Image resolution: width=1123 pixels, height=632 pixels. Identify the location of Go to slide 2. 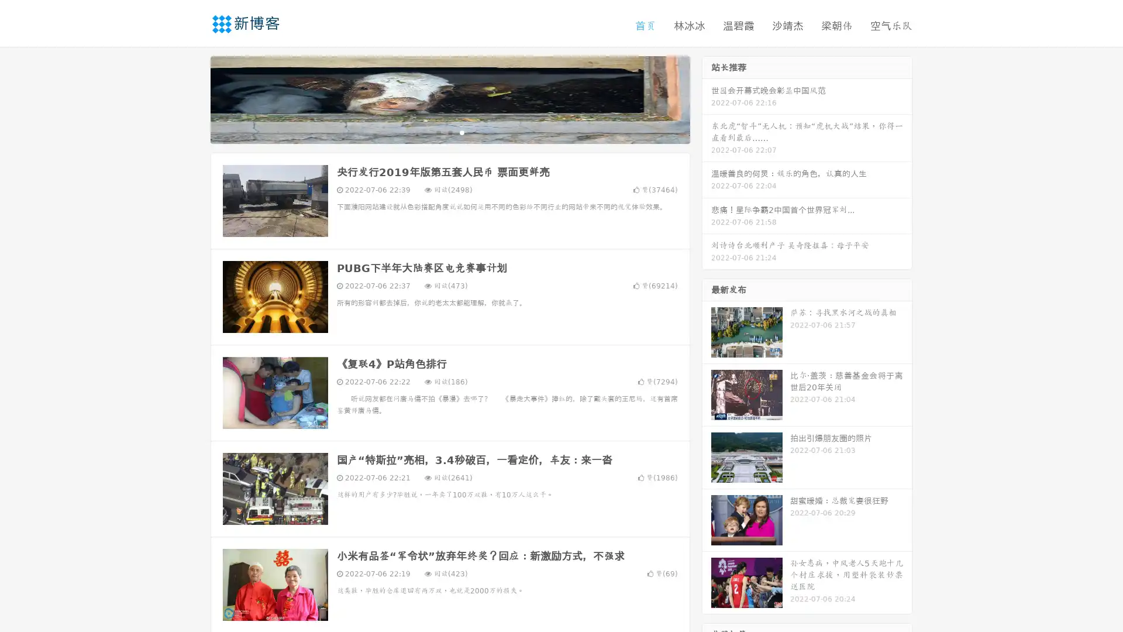
(449, 132).